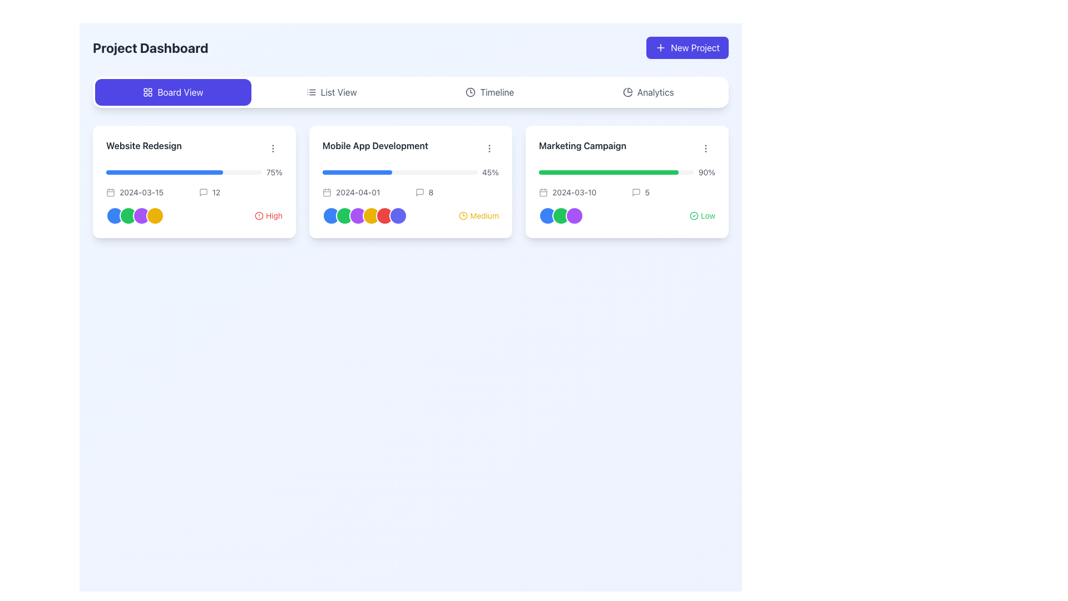 This screenshot has height=601, width=1068. I want to click on the circular border of the SVG clock icon located in the control bar at the top of the interface, towards the right end of the bar, so click(471, 91).